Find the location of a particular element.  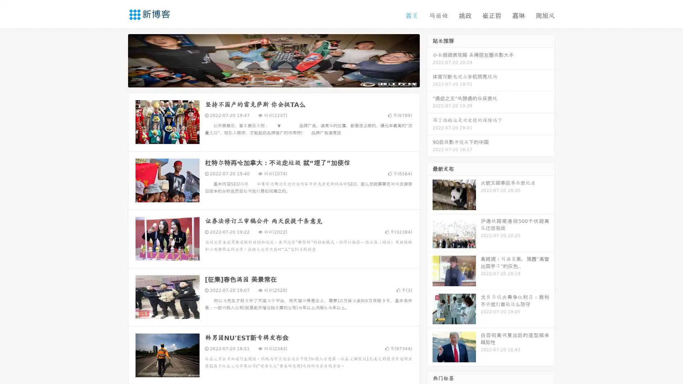

Go to slide 3 is located at coordinates (281, 80).